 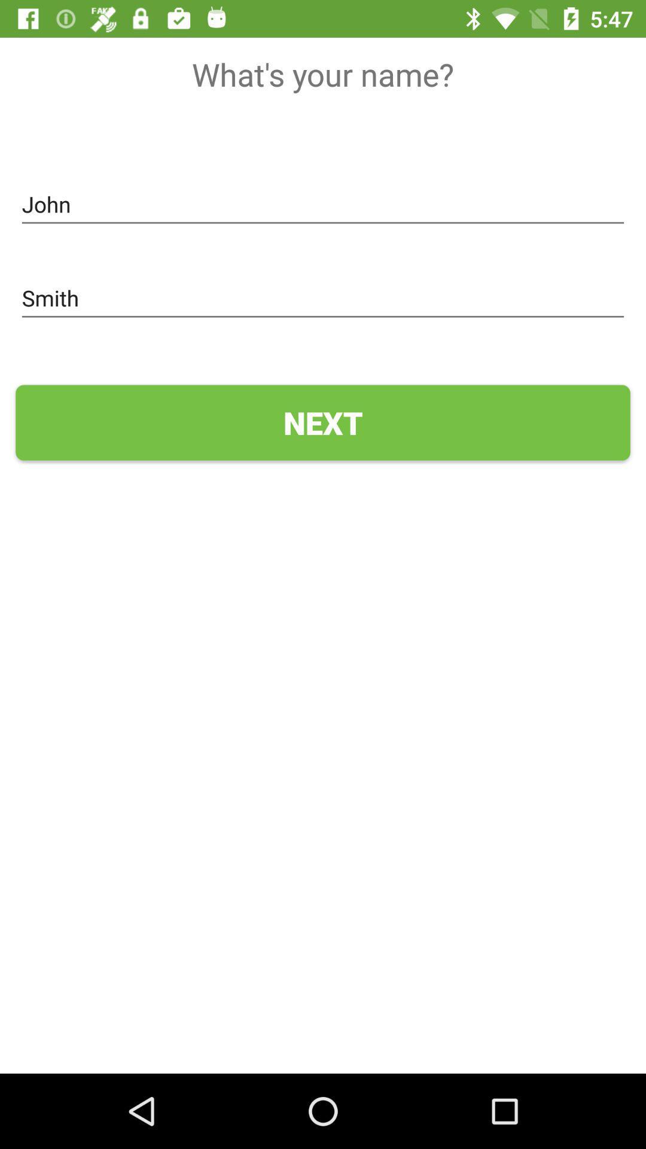 I want to click on the next item, so click(x=323, y=422).